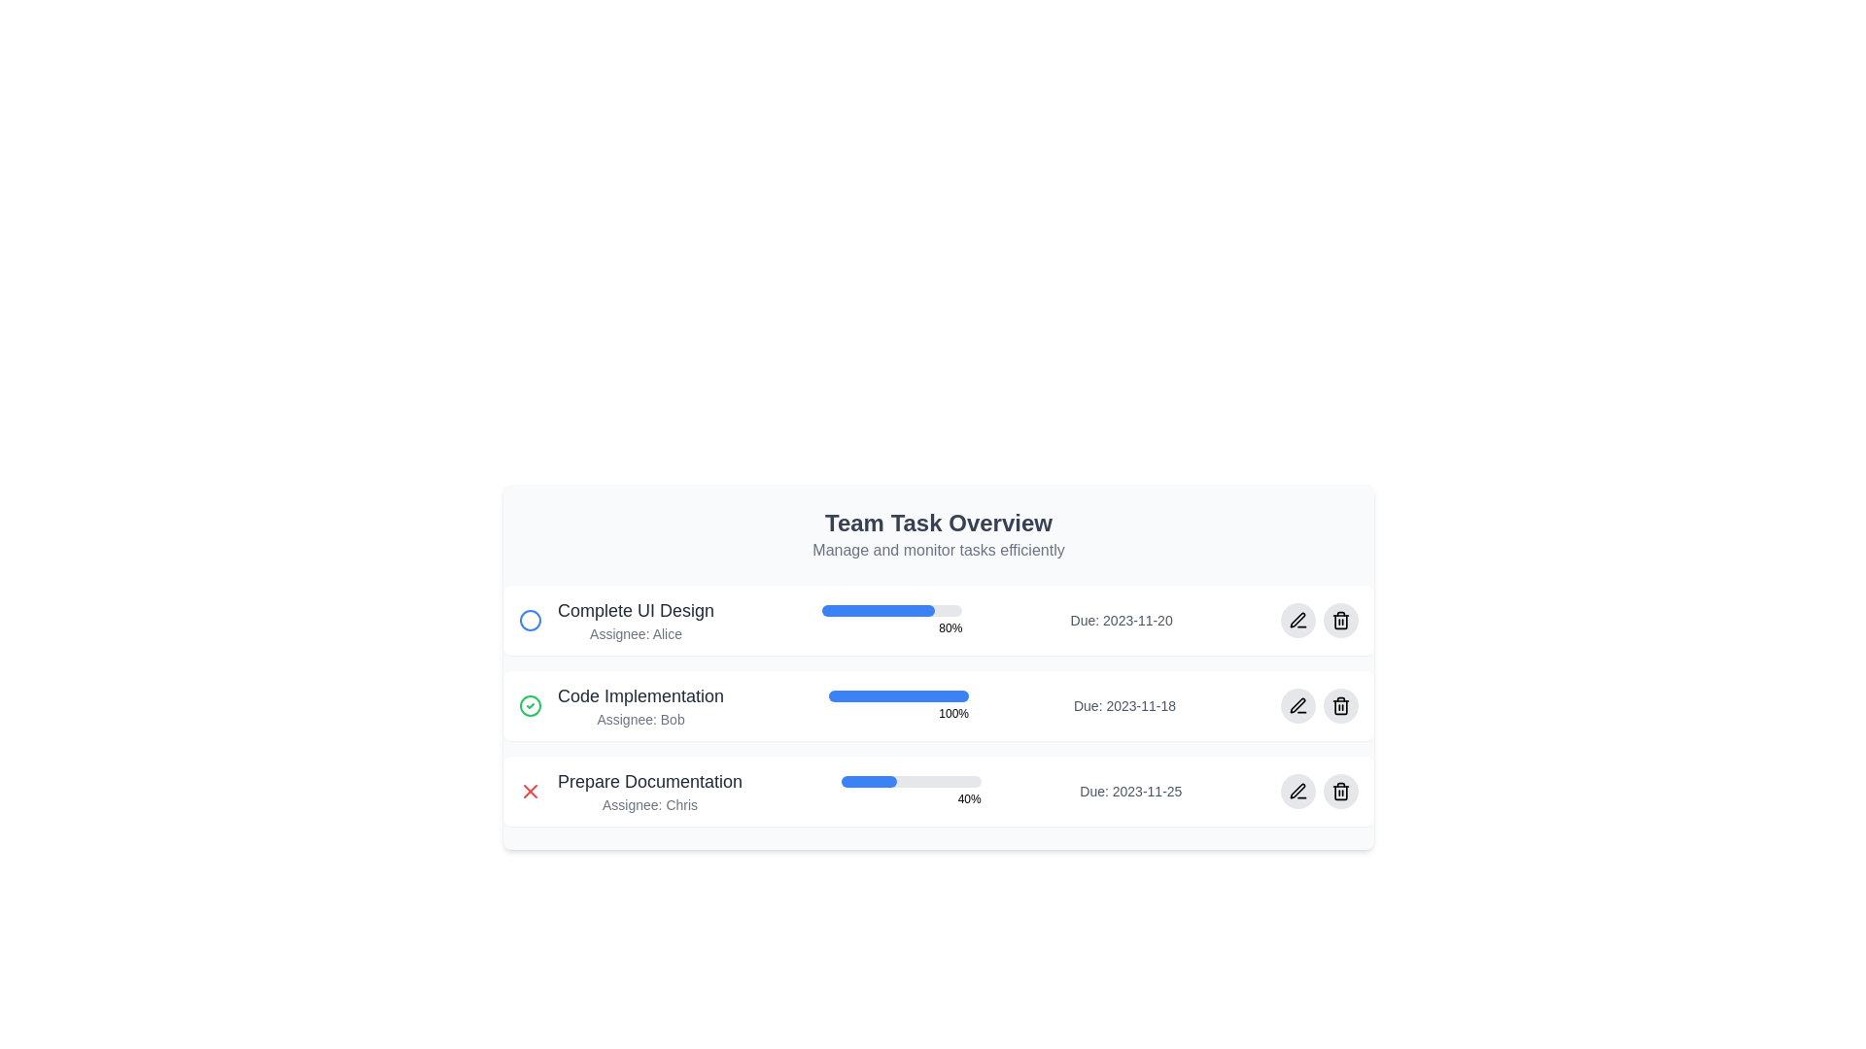 This screenshot has height=1049, width=1866. I want to click on the circular graphic icon with a blue border located to the left of the first task entry titled 'Complete UI Design', so click(531, 621).